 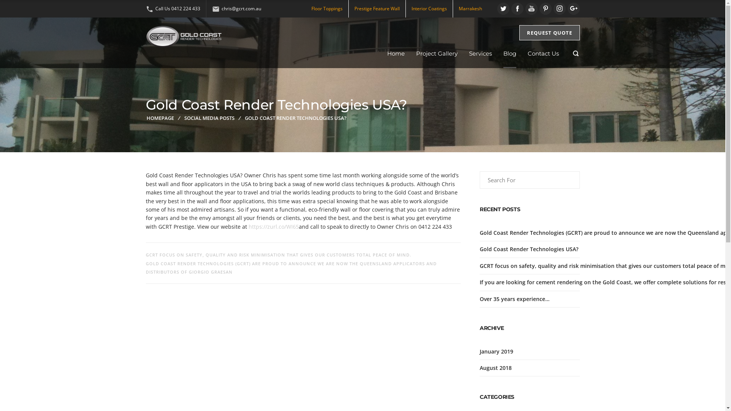 I want to click on 'emailchris@gcrt.com.au', so click(x=236, y=8).